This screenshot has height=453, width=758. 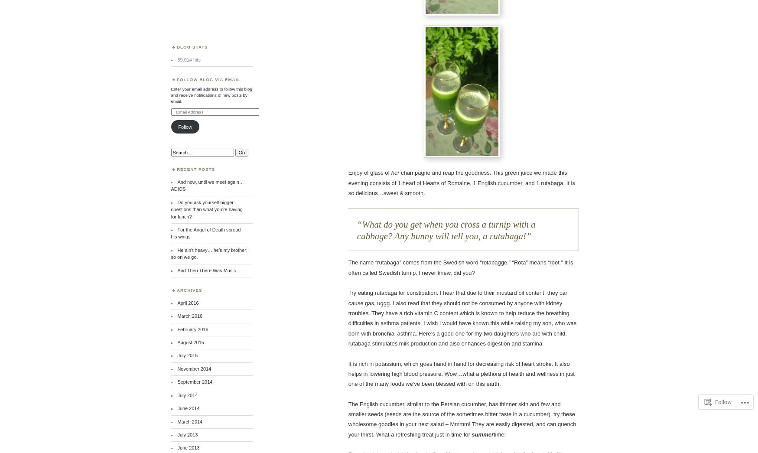 I want to click on 'June 2014', so click(x=188, y=407).